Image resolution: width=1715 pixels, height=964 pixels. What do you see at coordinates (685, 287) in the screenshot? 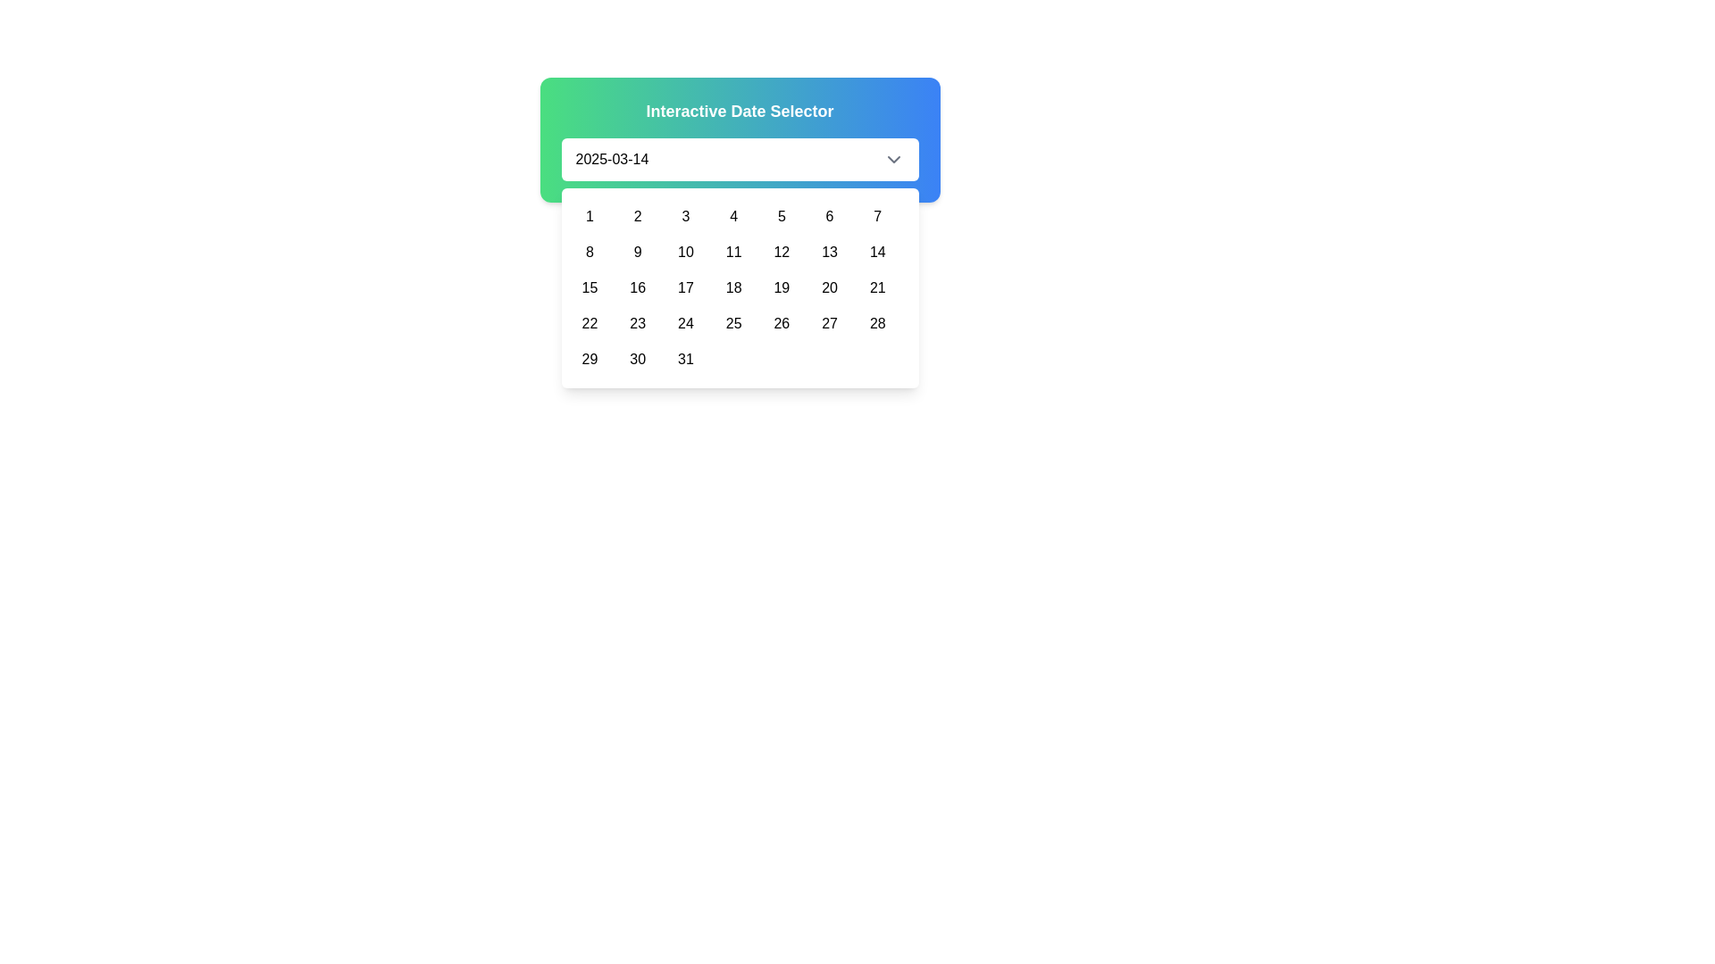
I see `the selectable date button representing the 17th day` at bounding box center [685, 287].